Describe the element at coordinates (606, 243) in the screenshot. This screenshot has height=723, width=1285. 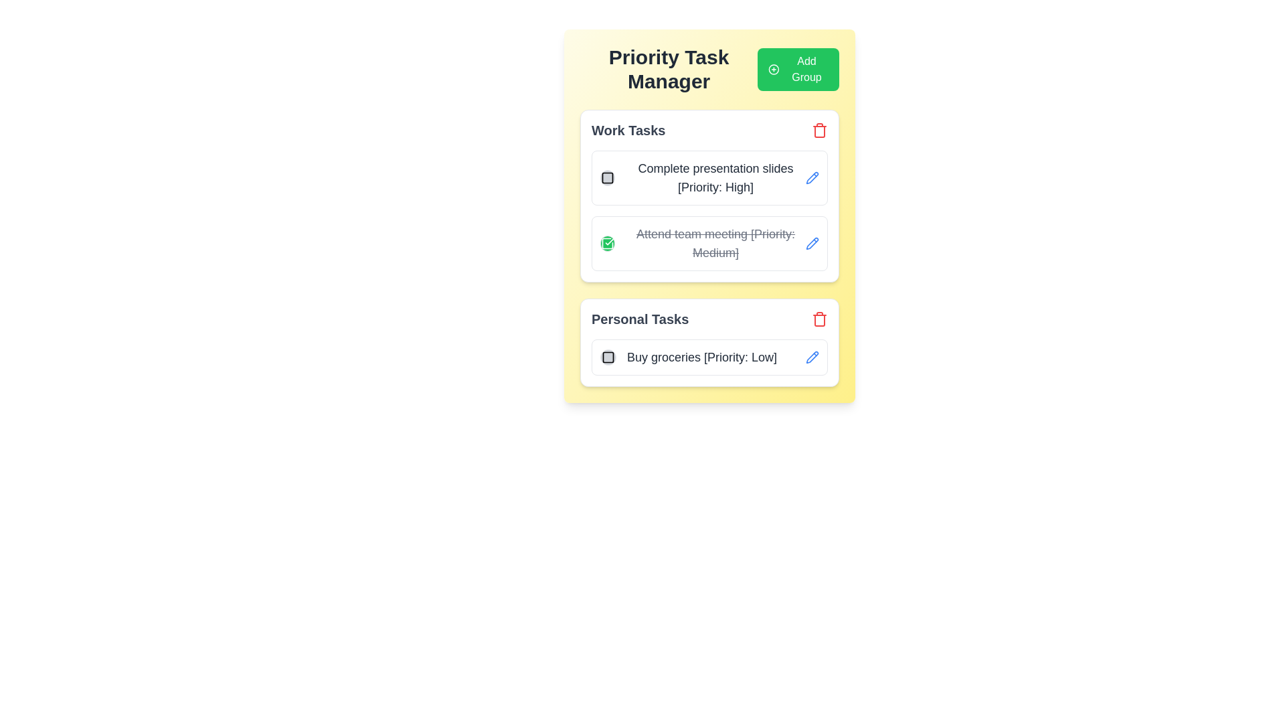
I see `the Checkbox styled as a button` at that location.